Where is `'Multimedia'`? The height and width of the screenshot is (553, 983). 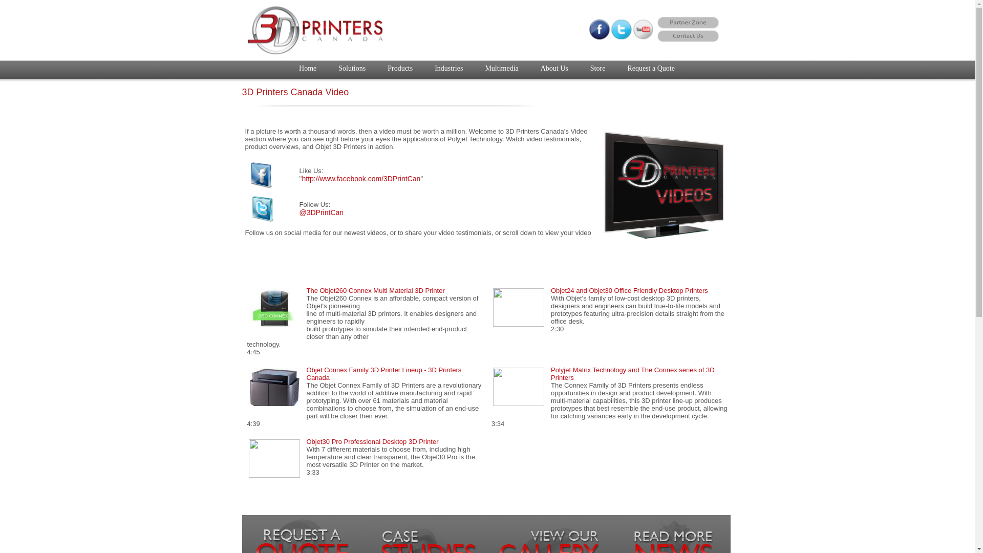 'Multimedia' is located at coordinates (501, 69).